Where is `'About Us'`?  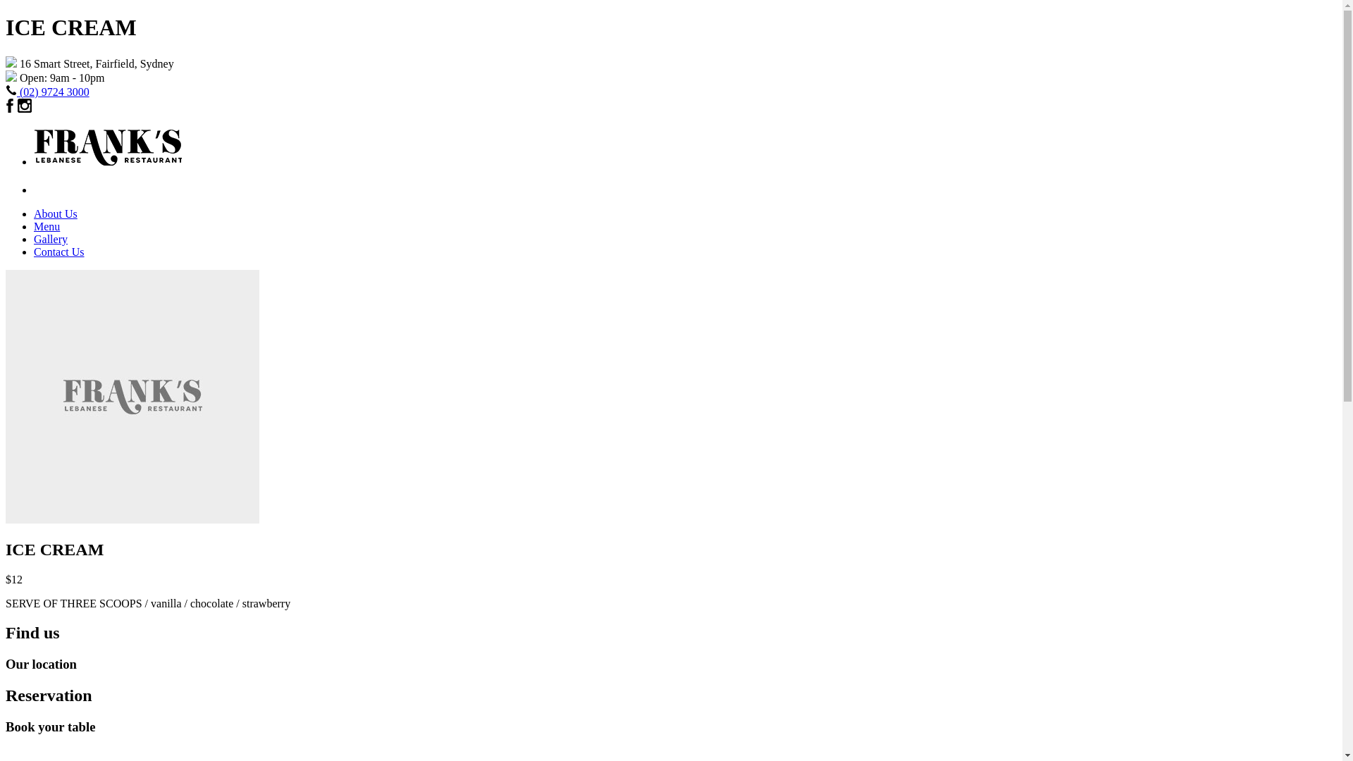
'About Us' is located at coordinates (34, 214).